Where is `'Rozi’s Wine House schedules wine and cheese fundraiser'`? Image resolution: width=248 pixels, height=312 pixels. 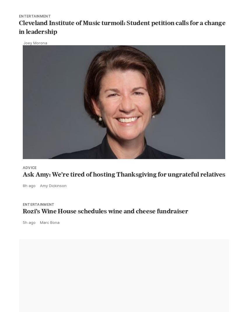 'Rozi’s Wine House schedules wine and cheese fundraiser' is located at coordinates (105, 224).